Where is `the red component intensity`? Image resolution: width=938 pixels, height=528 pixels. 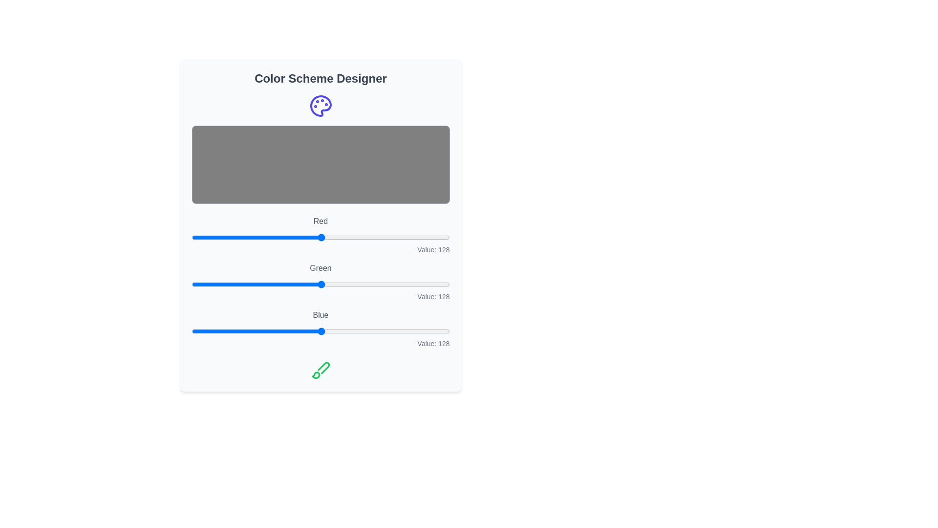
the red component intensity is located at coordinates (372, 238).